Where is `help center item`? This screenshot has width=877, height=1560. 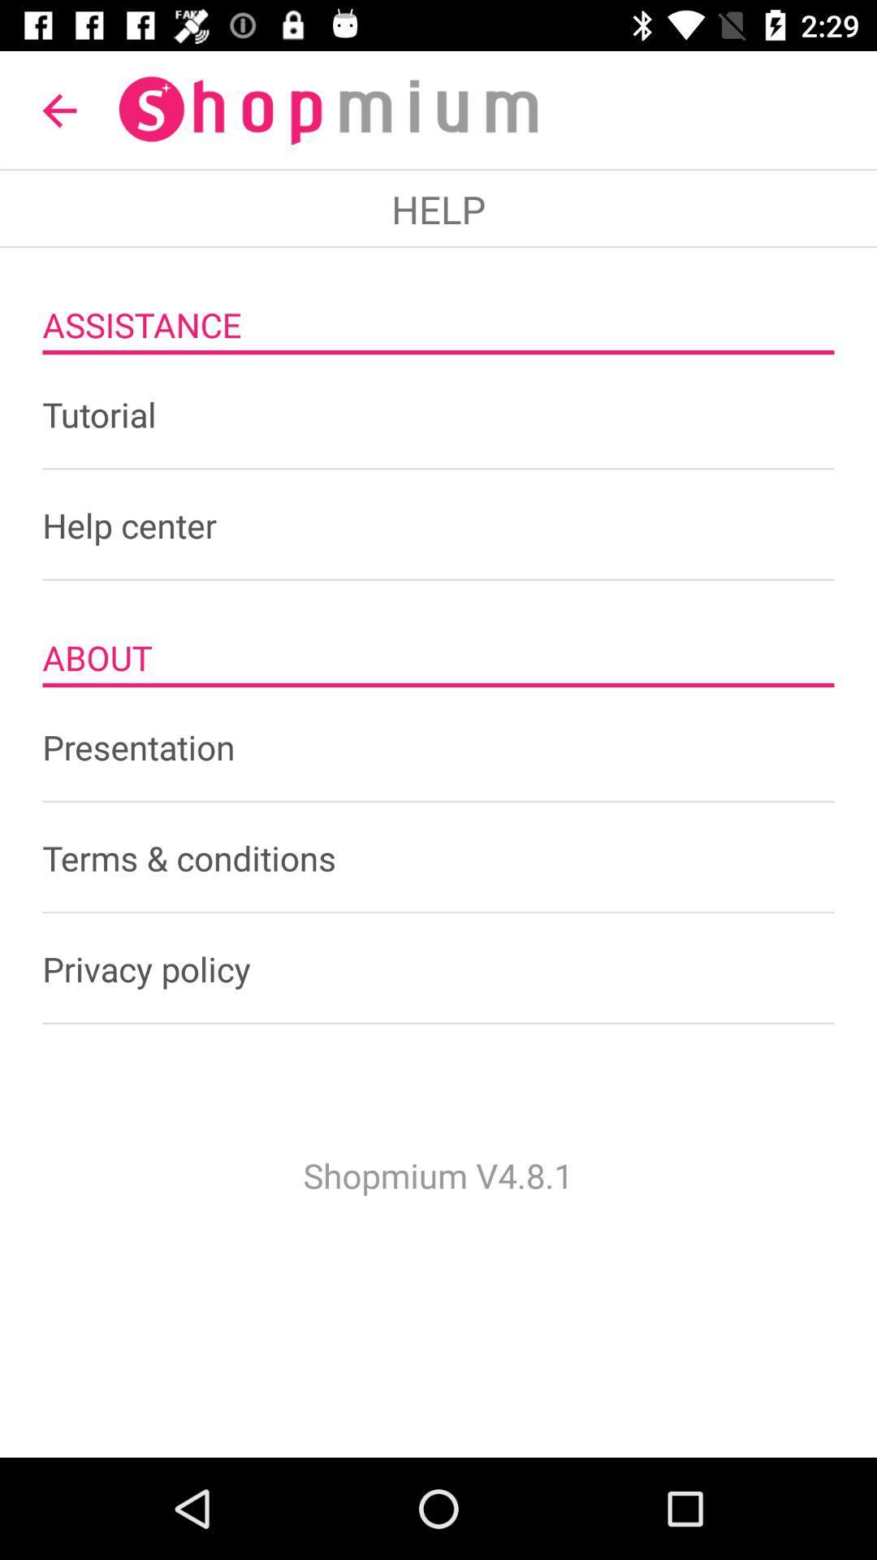
help center item is located at coordinates (438, 525).